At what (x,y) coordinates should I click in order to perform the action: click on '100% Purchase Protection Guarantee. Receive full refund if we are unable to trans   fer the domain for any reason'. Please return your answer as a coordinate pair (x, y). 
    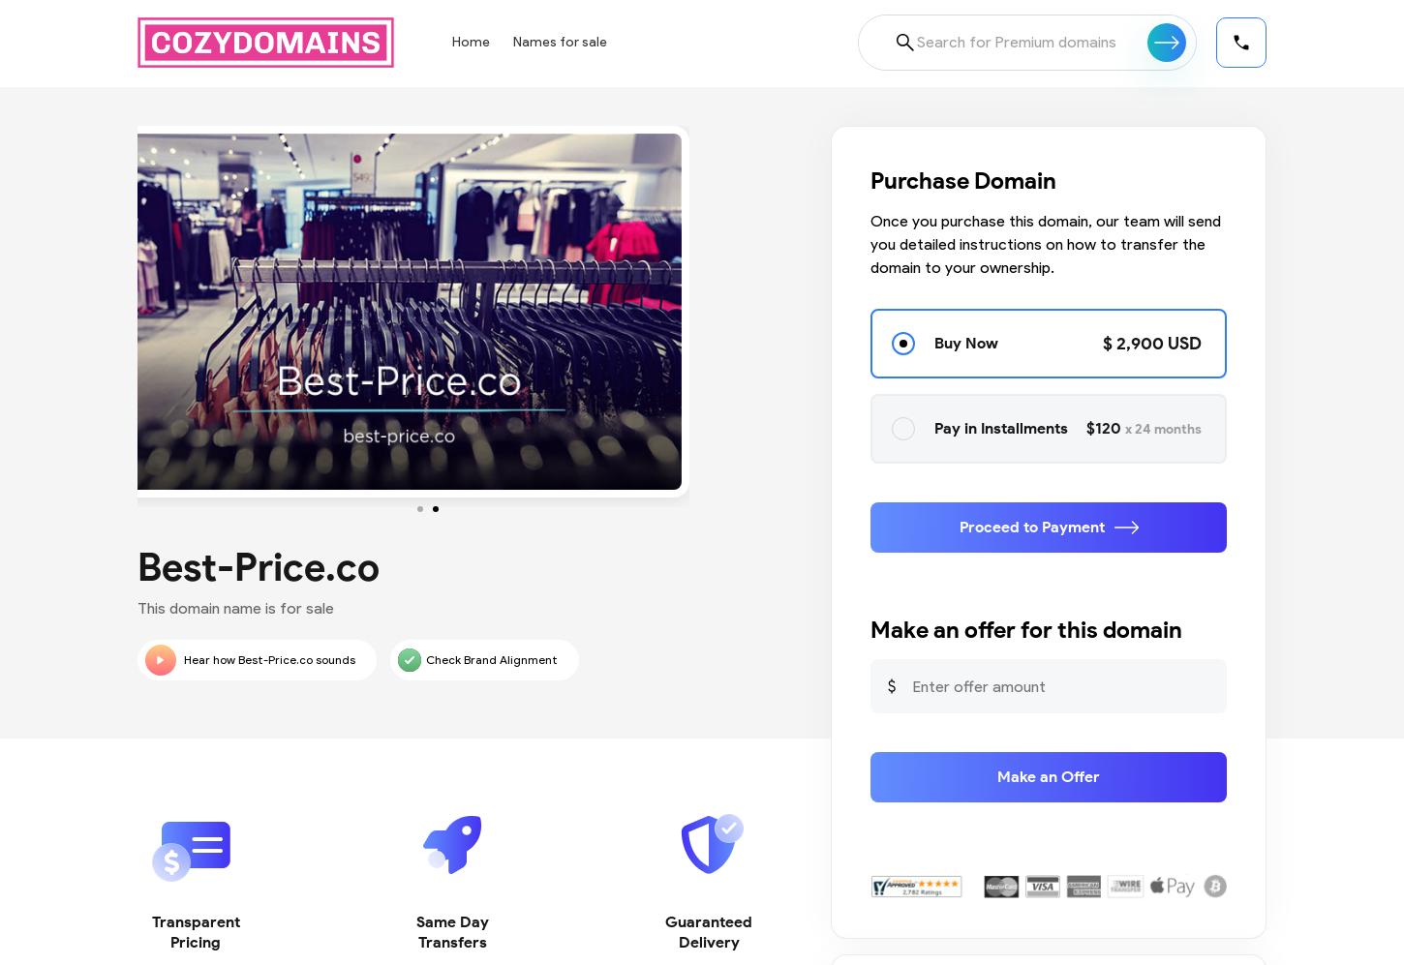
    Looking at the image, I should click on (708, 728).